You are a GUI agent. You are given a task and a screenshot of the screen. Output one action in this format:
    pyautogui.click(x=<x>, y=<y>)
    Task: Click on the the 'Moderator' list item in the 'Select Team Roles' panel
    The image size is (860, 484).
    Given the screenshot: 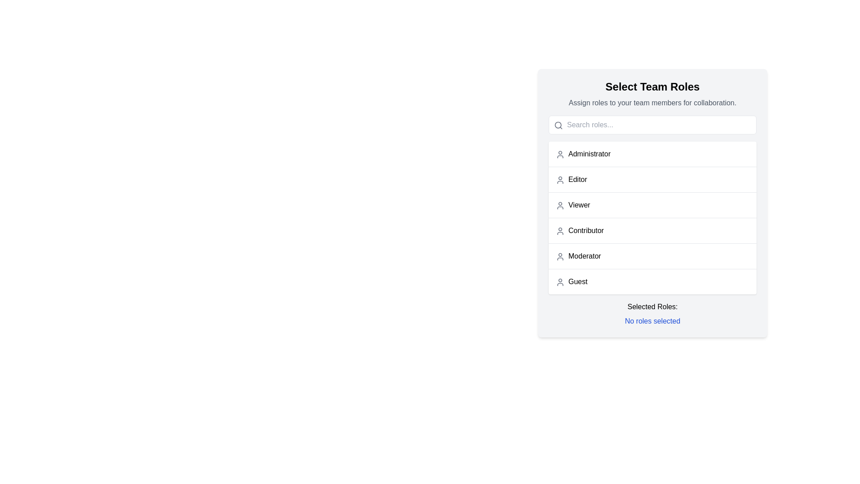 What is the action you would take?
    pyautogui.click(x=653, y=255)
    